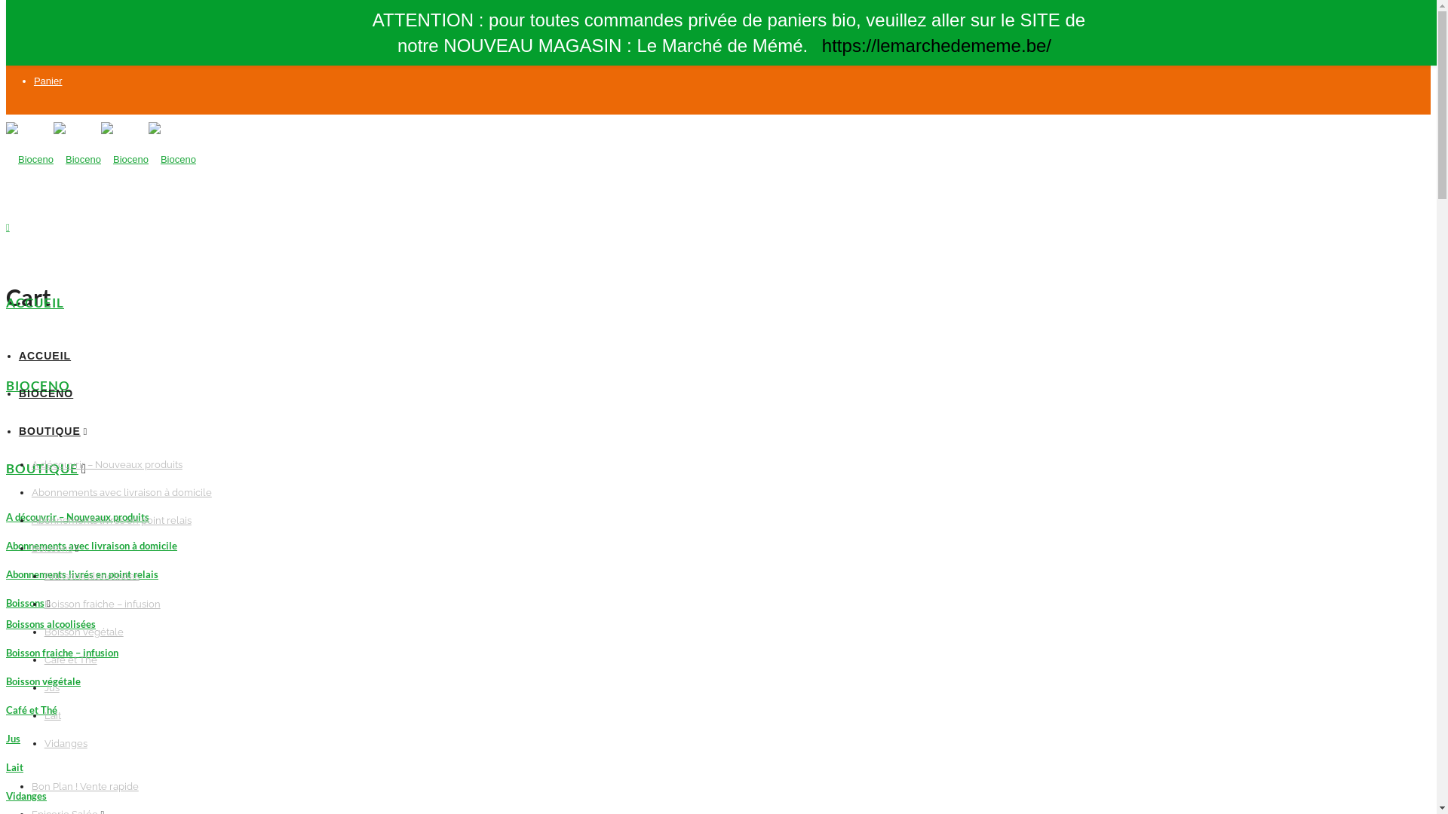 The width and height of the screenshot is (1448, 814). What do you see at coordinates (42, 467) in the screenshot?
I see `'BOUTIQUE'` at bounding box center [42, 467].